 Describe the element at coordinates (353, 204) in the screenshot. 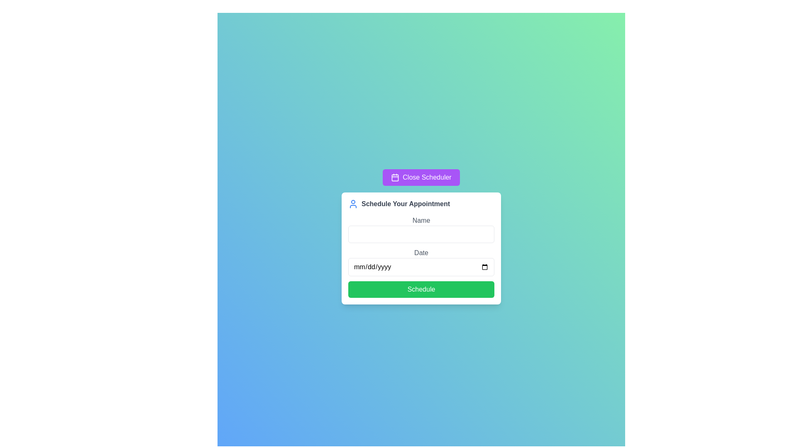

I see `the user-icon-shaped graphic with a blue outline located in the top-left corner of the scheduling card, immediately to the left of the text 'Schedule Your Appointment'` at that location.